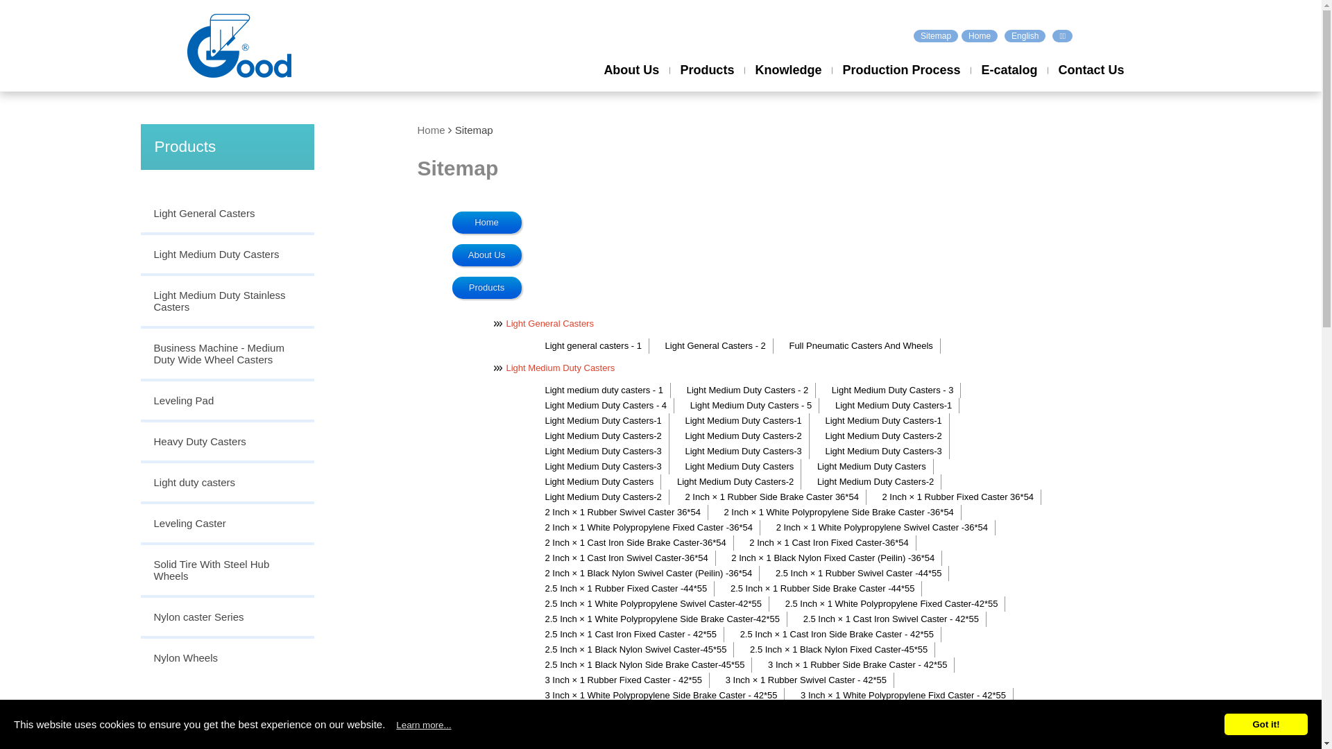 This screenshot has width=1332, height=749. Describe the element at coordinates (226, 657) in the screenshot. I see `'Nylon Wheels'` at that location.